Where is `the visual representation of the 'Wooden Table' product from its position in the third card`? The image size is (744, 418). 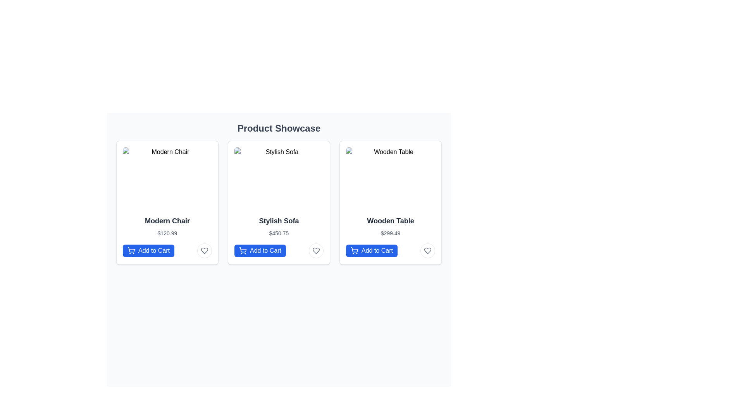 the visual representation of the 'Wooden Table' product from its position in the third card is located at coordinates (391, 178).